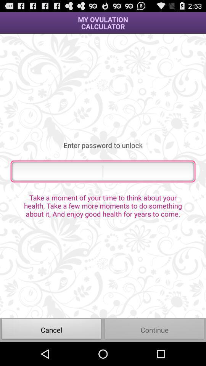  Describe the element at coordinates (154, 329) in the screenshot. I see `the button next to cancel button` at that location.